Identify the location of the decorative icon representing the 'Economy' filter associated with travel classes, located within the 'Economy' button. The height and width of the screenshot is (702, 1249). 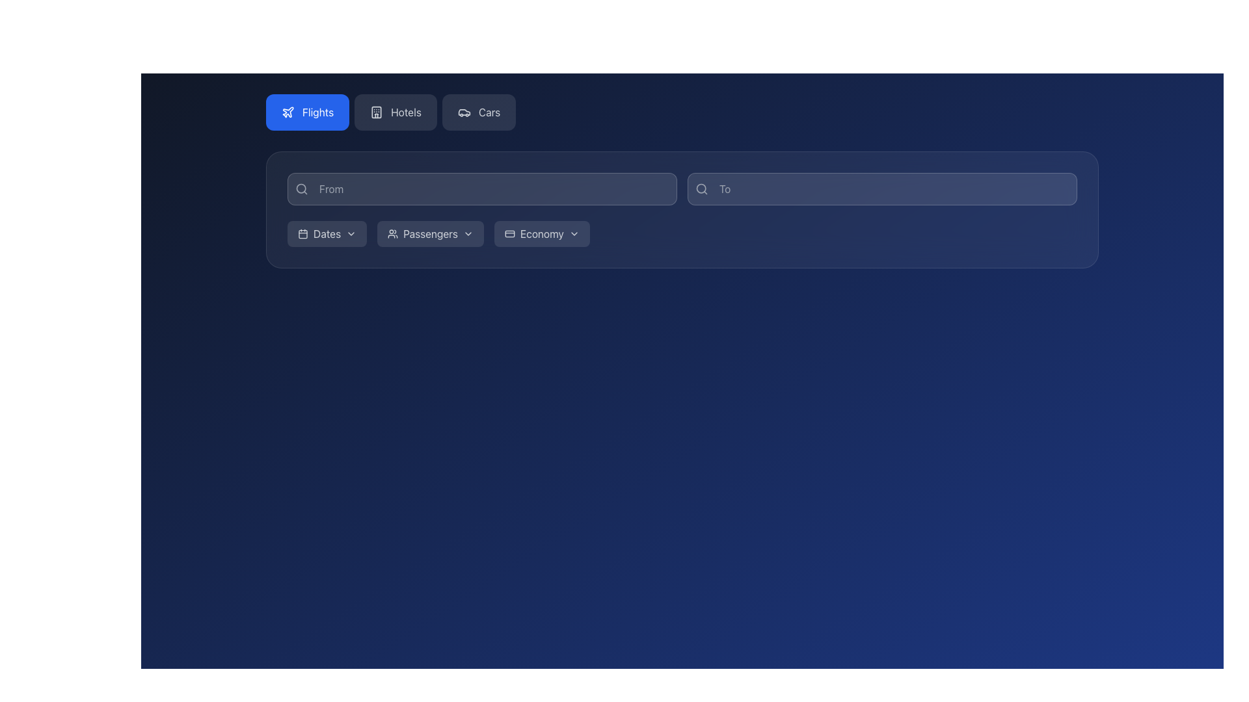
(509, 233).